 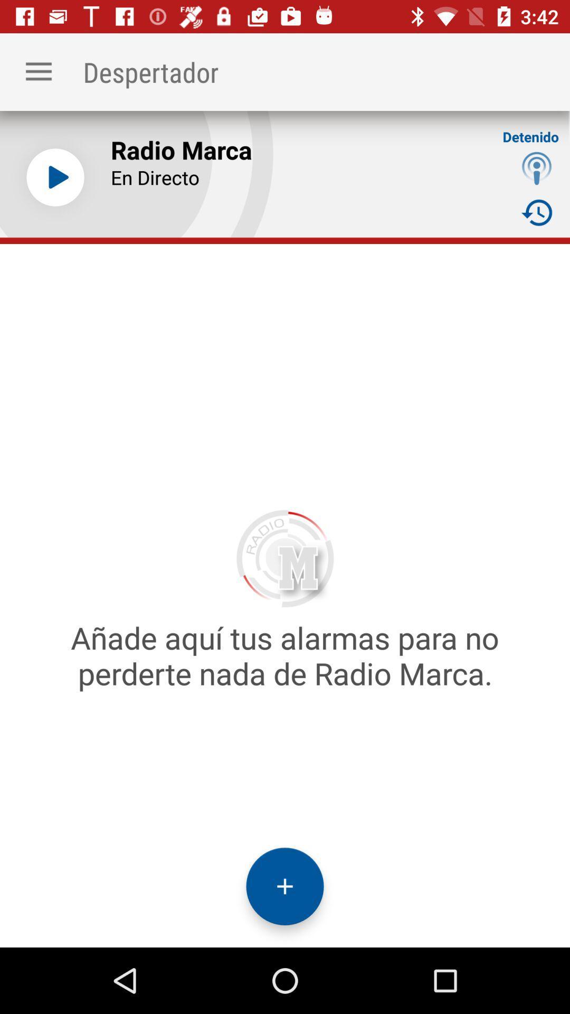 What do you see at coordinates (285, 886) in the screenshot?
I see `the add icon` at bounding box center [285, 886].